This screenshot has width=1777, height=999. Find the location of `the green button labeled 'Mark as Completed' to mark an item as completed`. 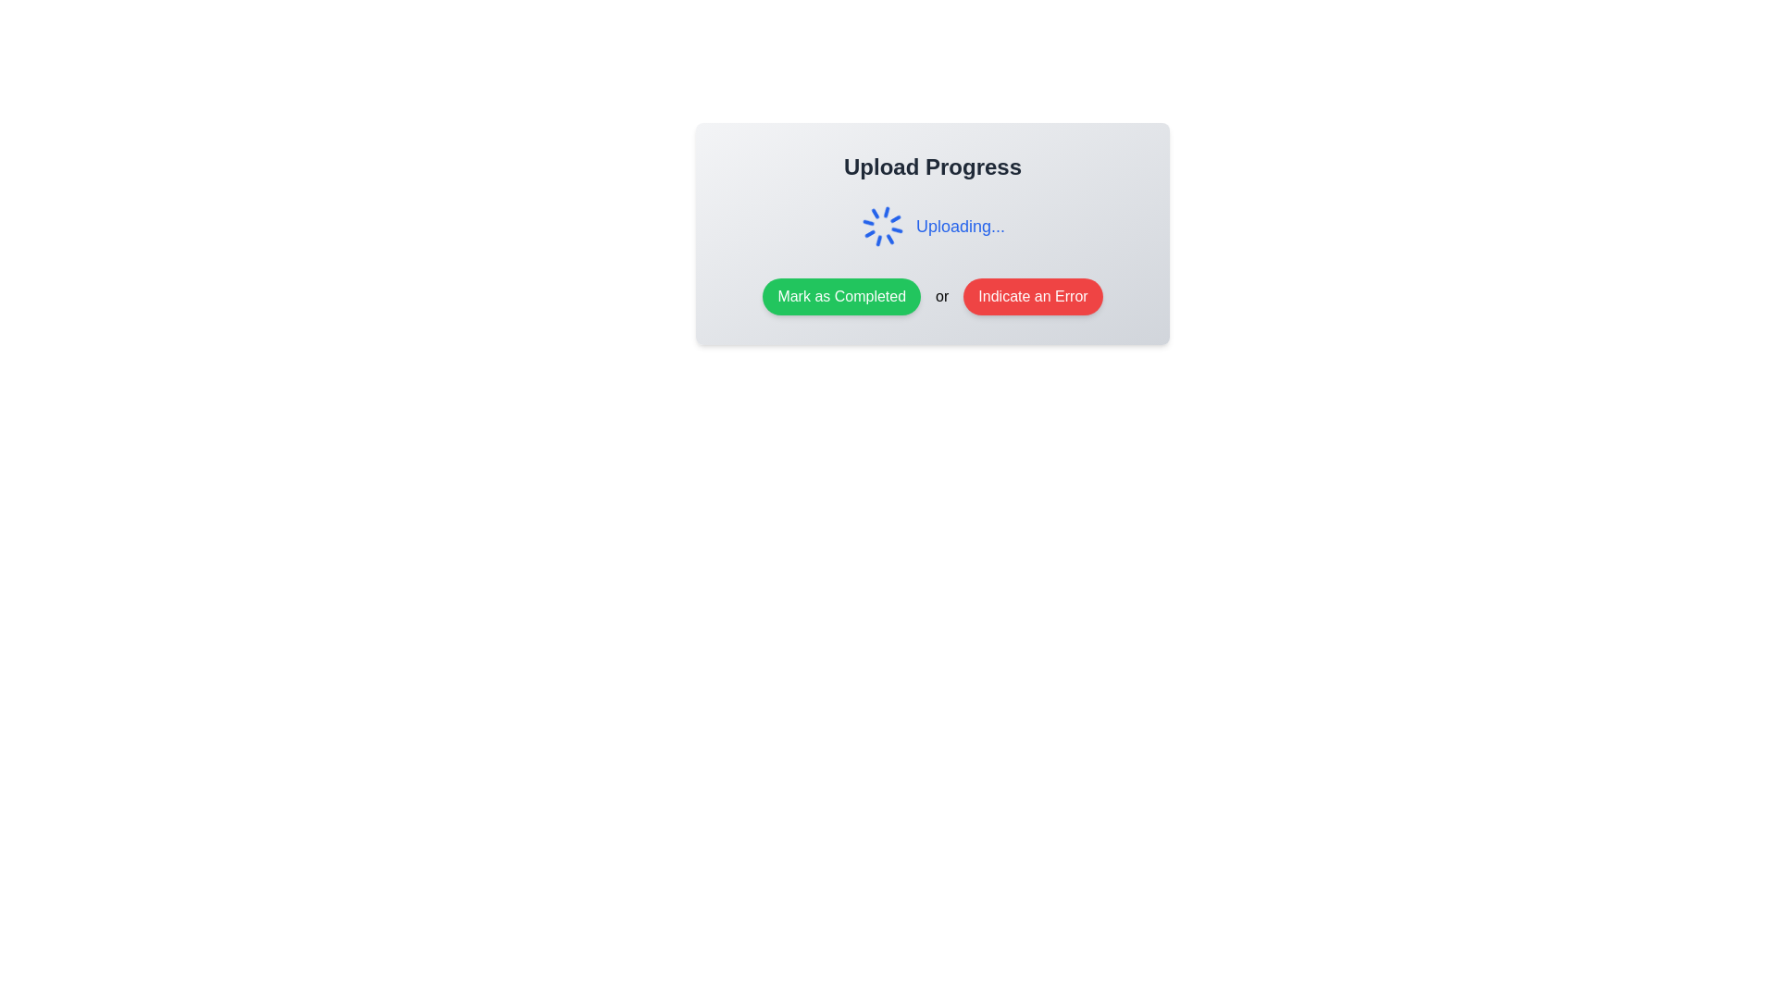

the green button labeled 'Mark as Completed' to mark an item as completed is located at coordinates (840, 295).